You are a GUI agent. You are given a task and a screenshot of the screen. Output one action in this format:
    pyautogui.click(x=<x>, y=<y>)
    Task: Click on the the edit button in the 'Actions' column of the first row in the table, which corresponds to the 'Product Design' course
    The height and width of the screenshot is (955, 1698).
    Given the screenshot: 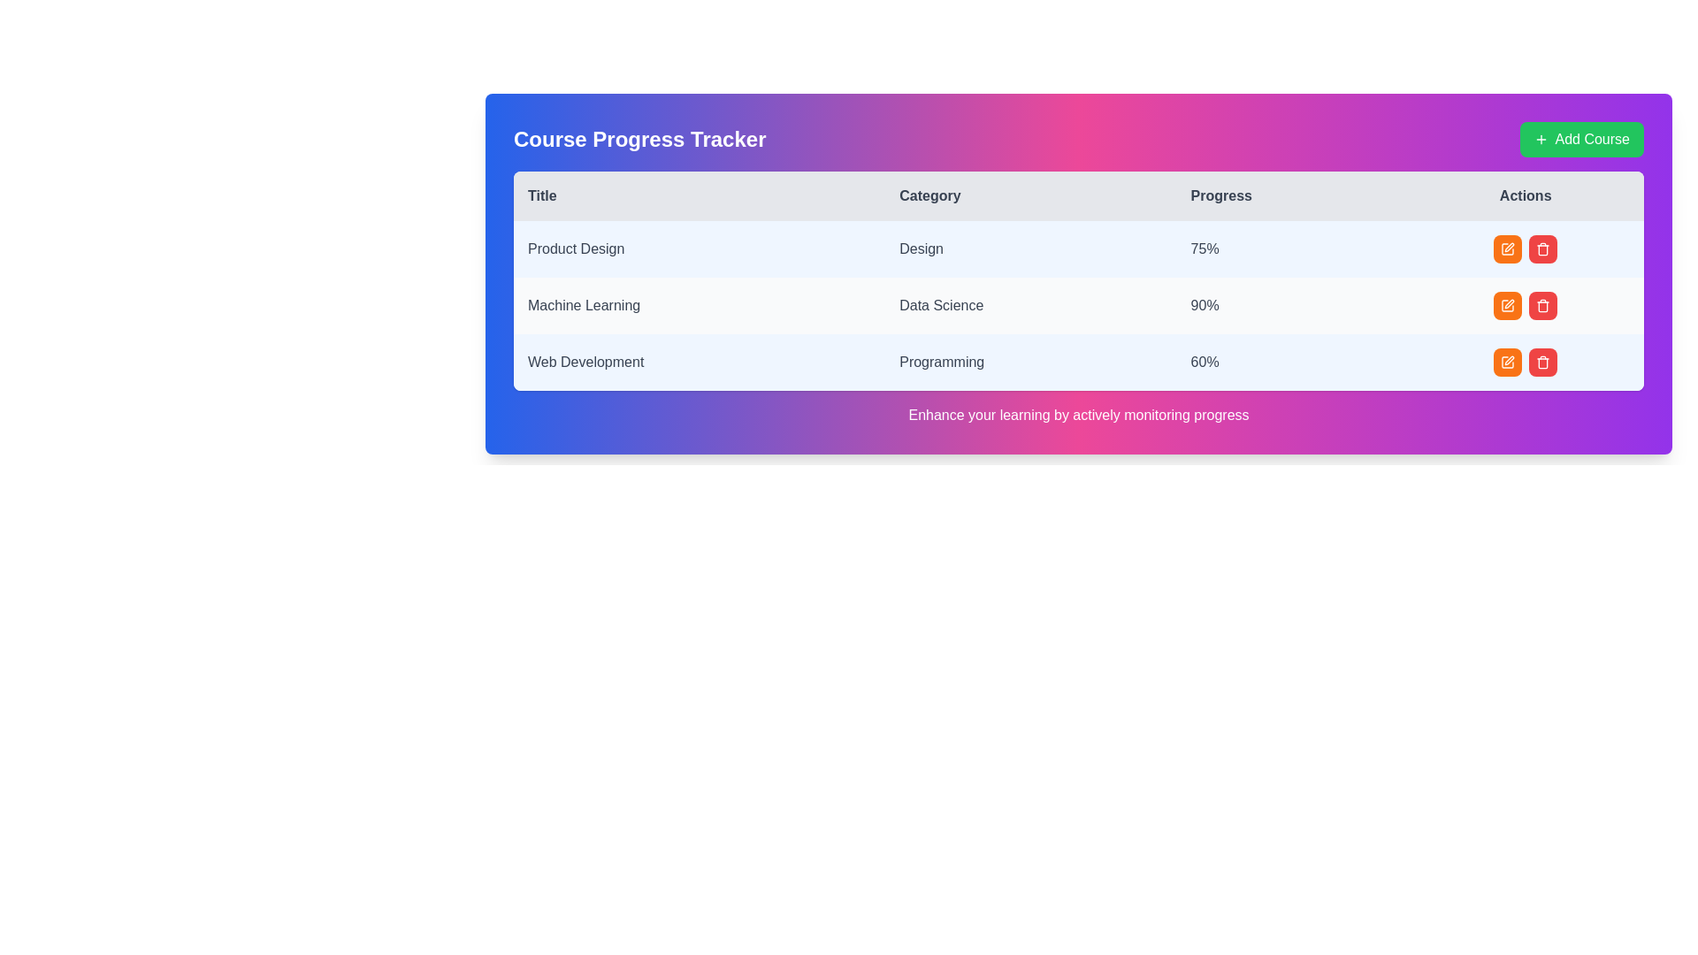 What is the action you would take?
    pyautogui.click(x=1507, y=248)
    